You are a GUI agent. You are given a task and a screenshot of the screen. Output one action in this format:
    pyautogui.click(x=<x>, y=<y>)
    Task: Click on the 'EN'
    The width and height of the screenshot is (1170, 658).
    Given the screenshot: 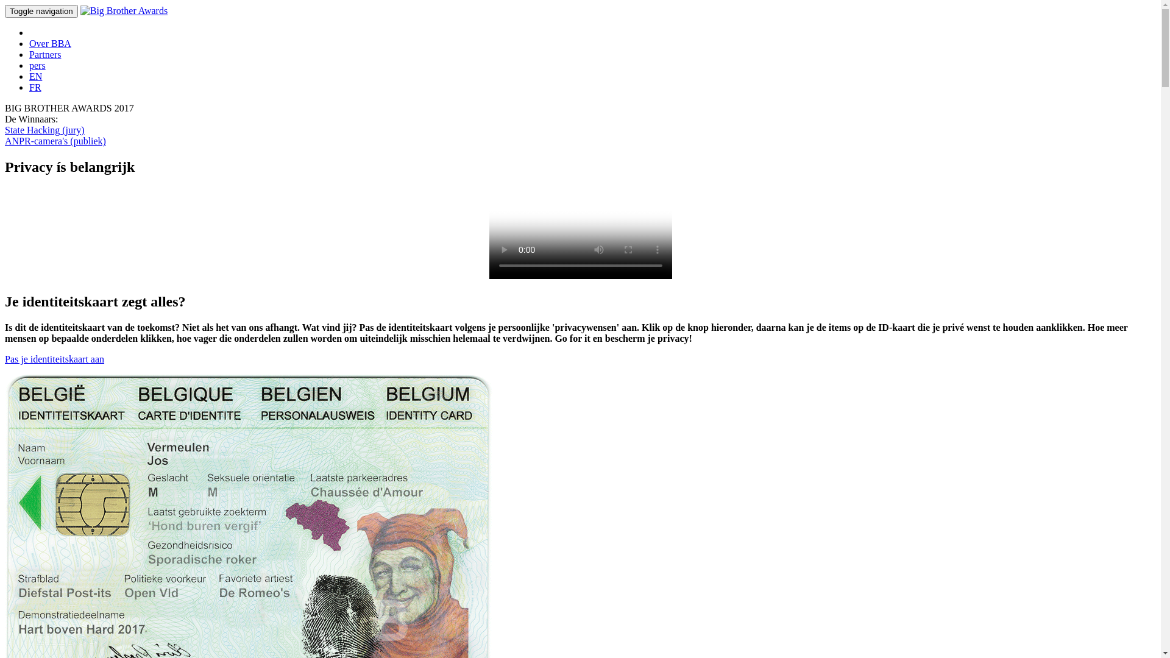 What is the action you would take?
    pyautogui.click(x=35, y=76)
    